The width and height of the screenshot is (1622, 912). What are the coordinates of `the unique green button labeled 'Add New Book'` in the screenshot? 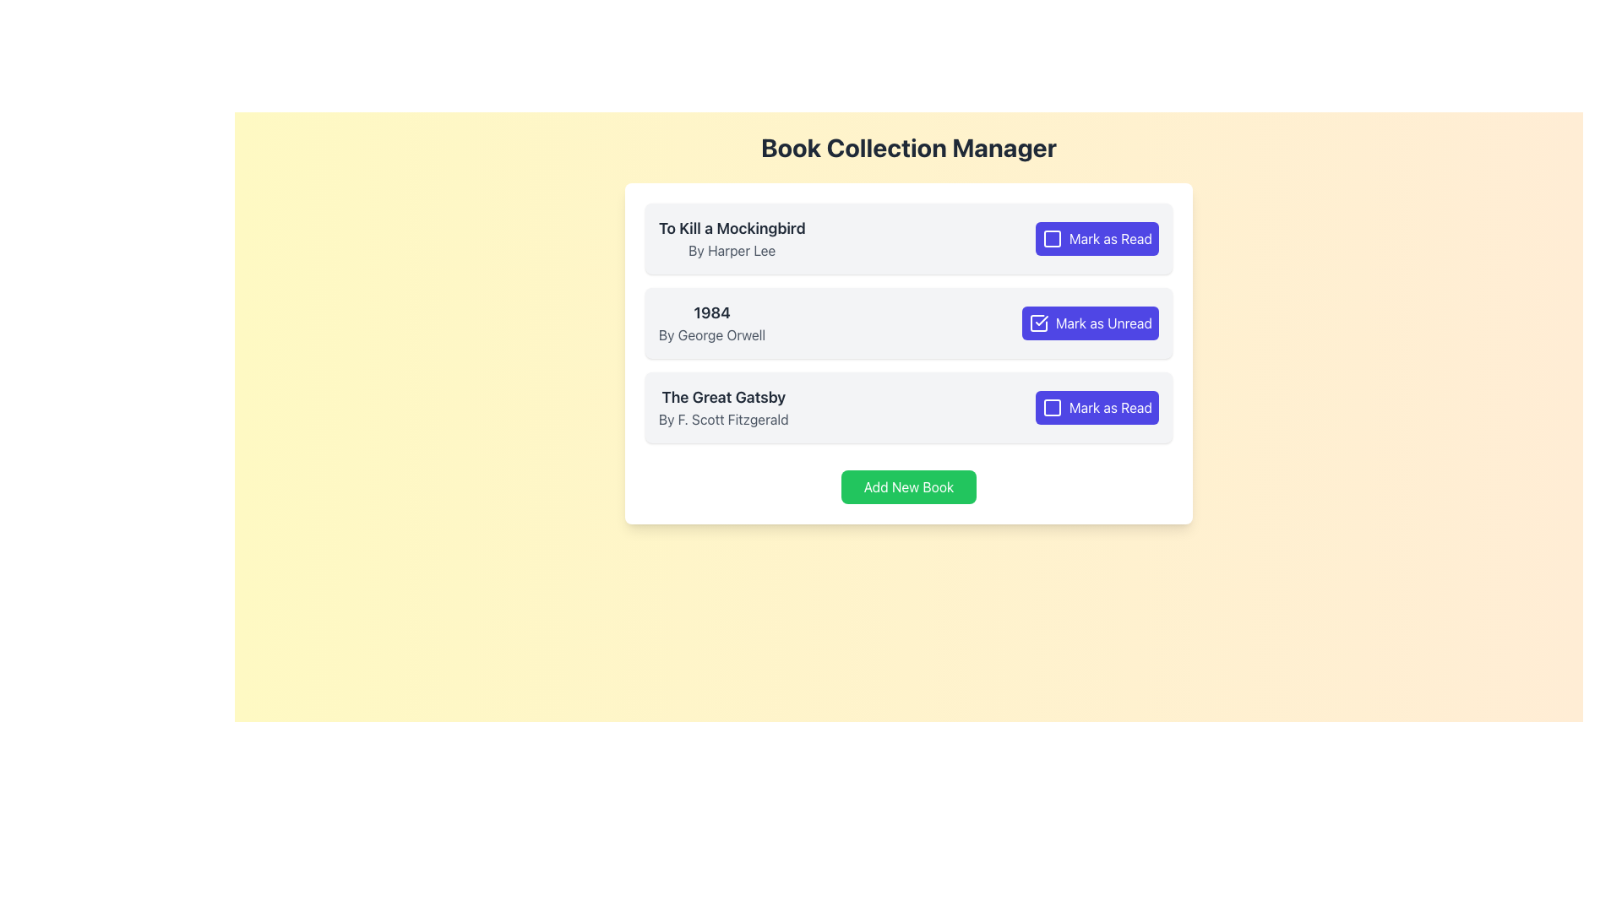 It's located at (907, 487).